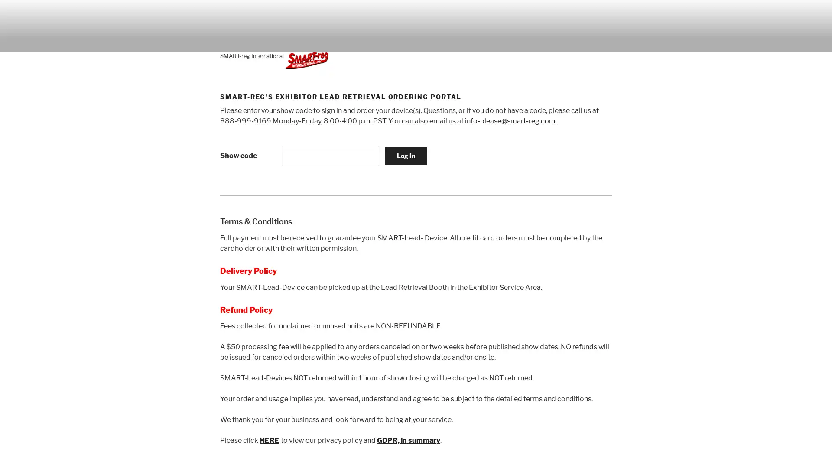 This screenshot has height=468, width=832. I want to click on Log In, so click(405, 155).